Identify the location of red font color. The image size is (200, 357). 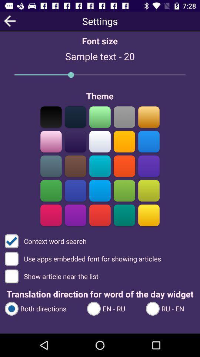
(124, 166).